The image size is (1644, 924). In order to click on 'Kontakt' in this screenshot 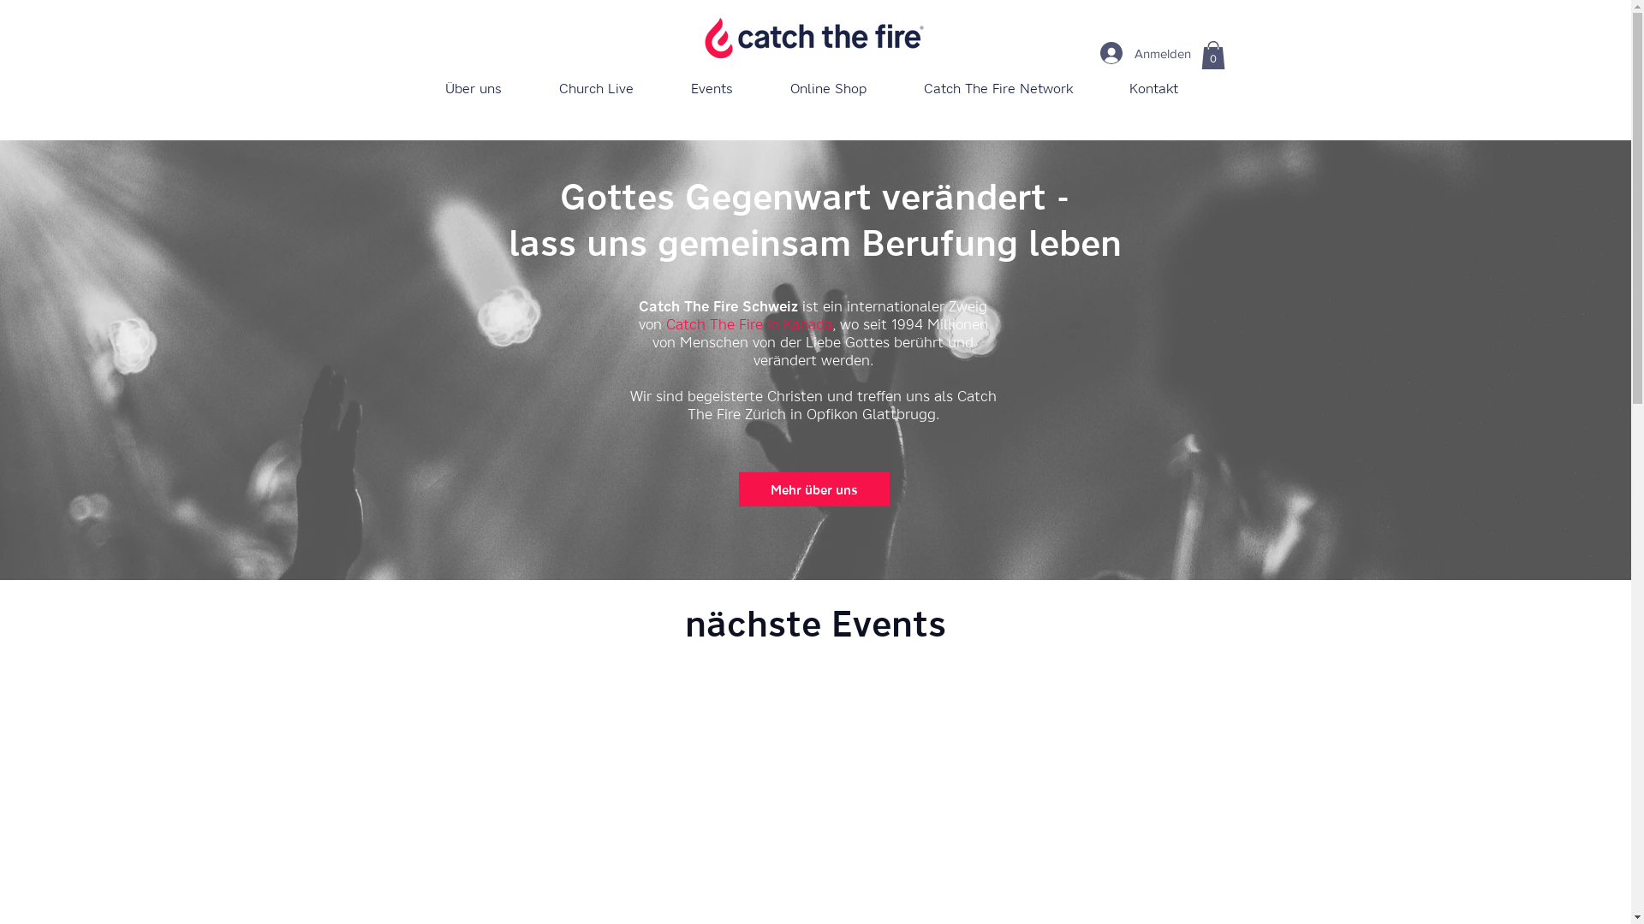, I will do `click(1153, 88)`.